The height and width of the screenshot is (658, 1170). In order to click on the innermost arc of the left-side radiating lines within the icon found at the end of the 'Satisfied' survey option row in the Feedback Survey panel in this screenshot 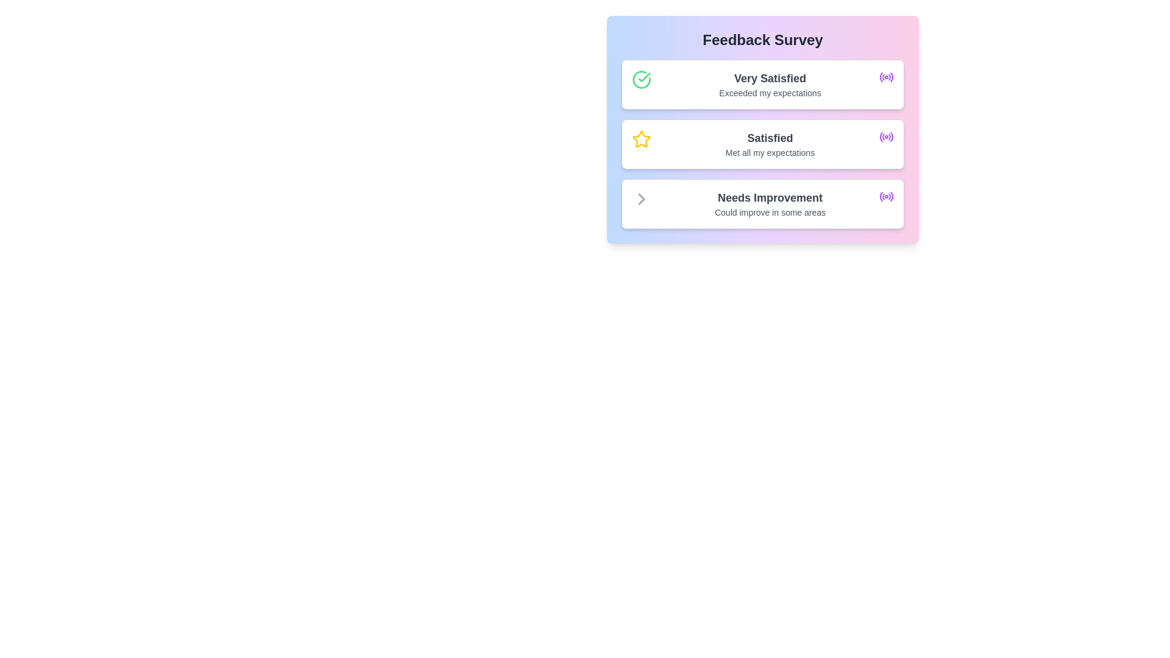, I will do `click(881, 136)`.